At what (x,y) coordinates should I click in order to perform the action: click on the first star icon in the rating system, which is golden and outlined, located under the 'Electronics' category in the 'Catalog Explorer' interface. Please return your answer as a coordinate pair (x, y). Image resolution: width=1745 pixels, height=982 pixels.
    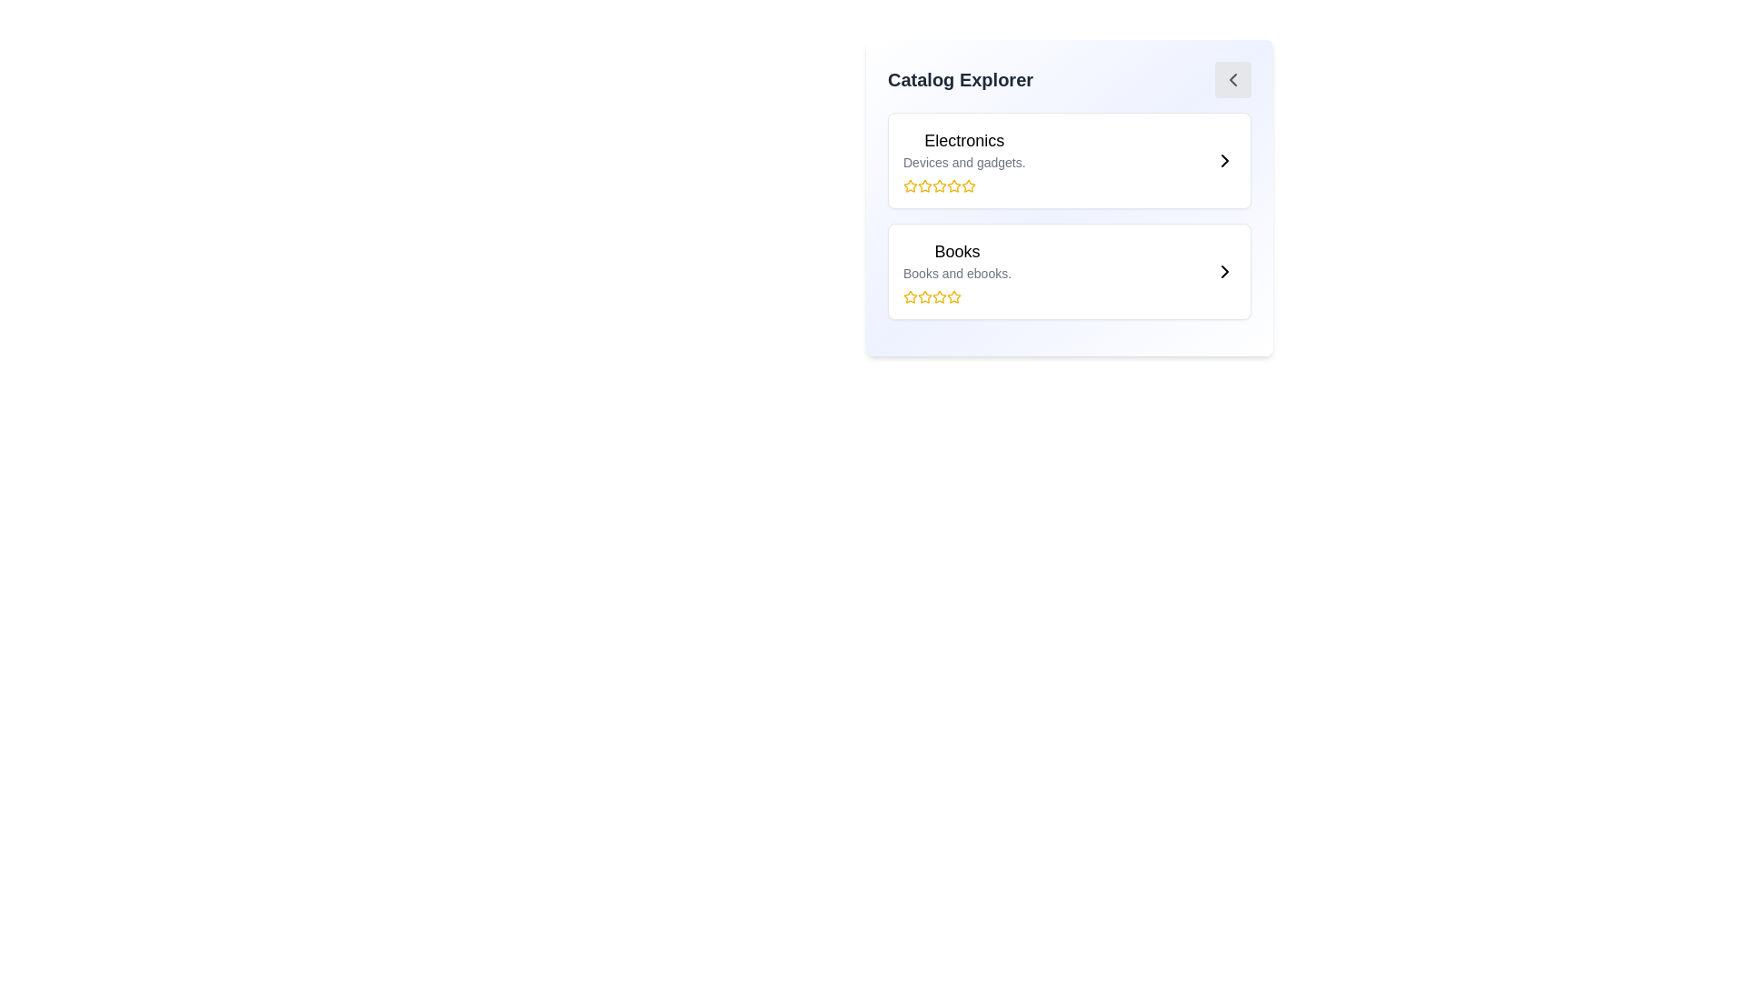
    Looking at the image, I should click on (911, 185).